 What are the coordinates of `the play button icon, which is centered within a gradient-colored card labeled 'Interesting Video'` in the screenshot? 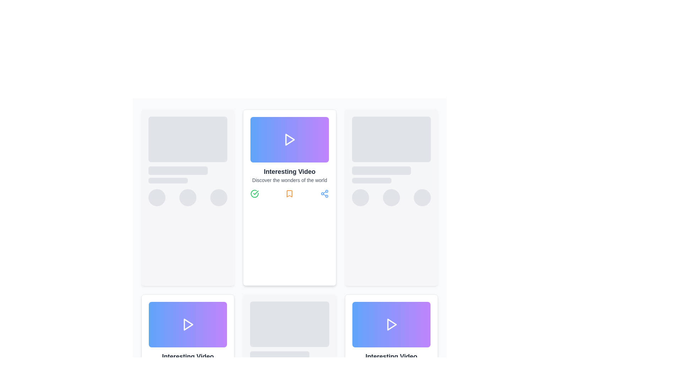 It's located at (391, 325).